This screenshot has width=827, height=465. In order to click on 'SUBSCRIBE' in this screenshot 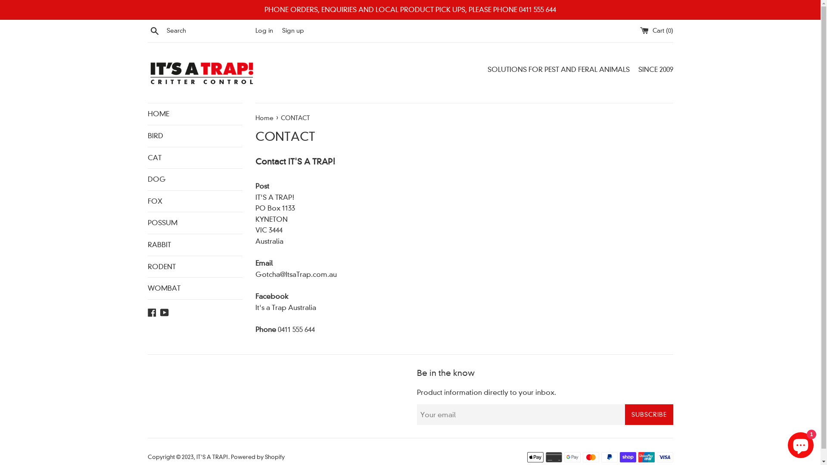, I will do `click(649, 414)`.